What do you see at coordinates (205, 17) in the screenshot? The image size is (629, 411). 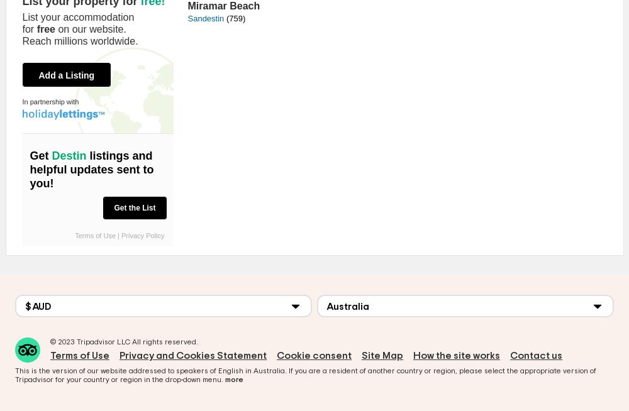 I see `'Sandestin'` at bounding box center [205, 17].